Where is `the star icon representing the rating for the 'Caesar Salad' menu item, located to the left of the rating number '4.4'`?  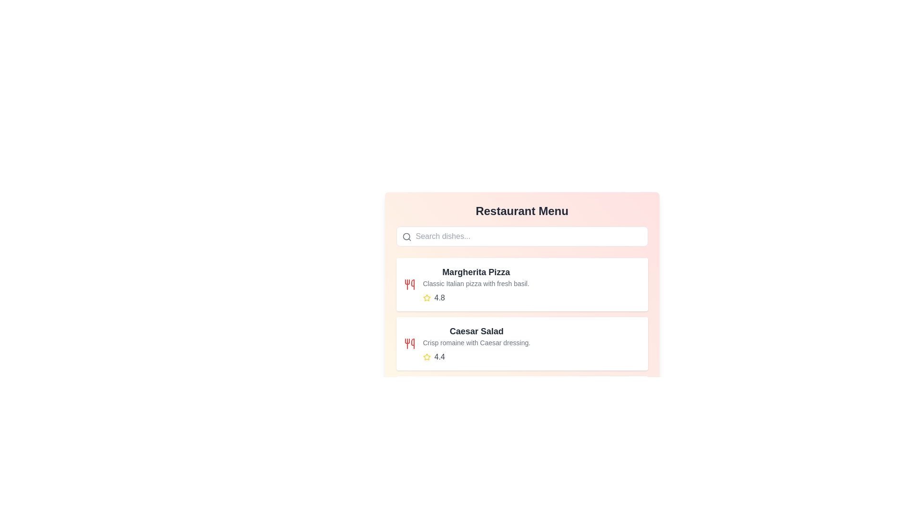
the star icon representing the rating for the 'Caesar Salad' menu item, located to the left of the rating number '4.4' is located at coordinates (426, 357).